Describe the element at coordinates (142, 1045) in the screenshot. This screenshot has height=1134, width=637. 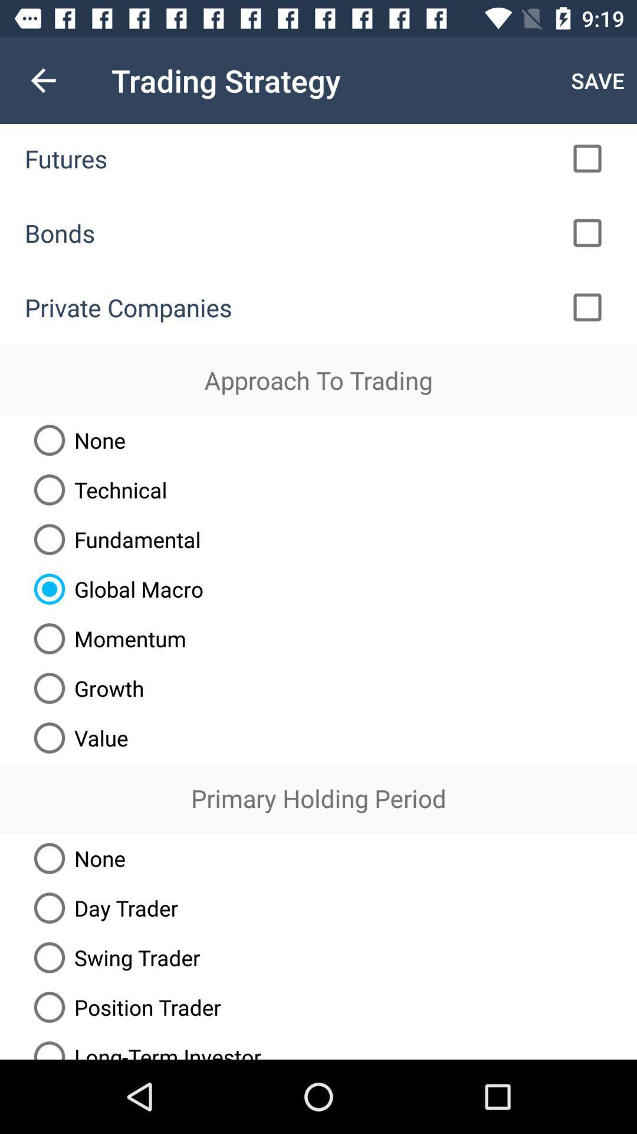
I see `the long-term investor radio button` at that location.